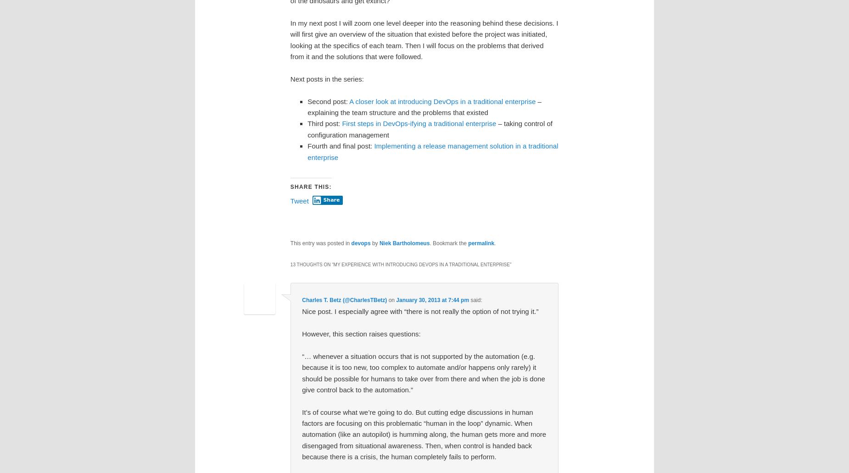  I want to click on 'Second post:', so click(328, 100).